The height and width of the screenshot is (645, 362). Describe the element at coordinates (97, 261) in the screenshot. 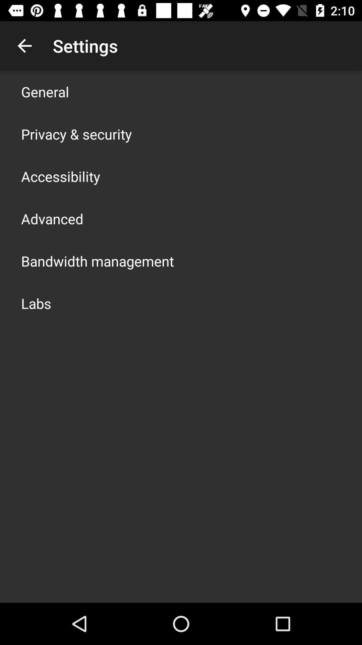

I see `item above labs` at that location.